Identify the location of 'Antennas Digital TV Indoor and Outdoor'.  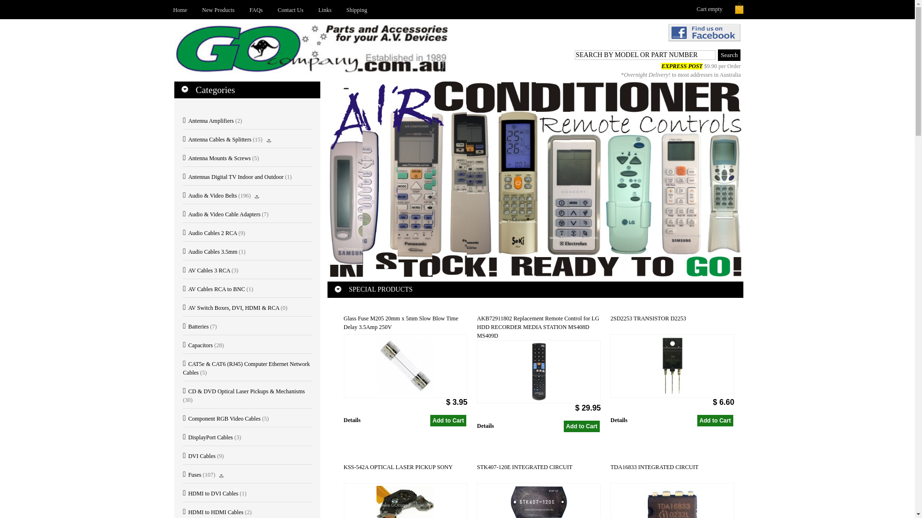
(233, 177).